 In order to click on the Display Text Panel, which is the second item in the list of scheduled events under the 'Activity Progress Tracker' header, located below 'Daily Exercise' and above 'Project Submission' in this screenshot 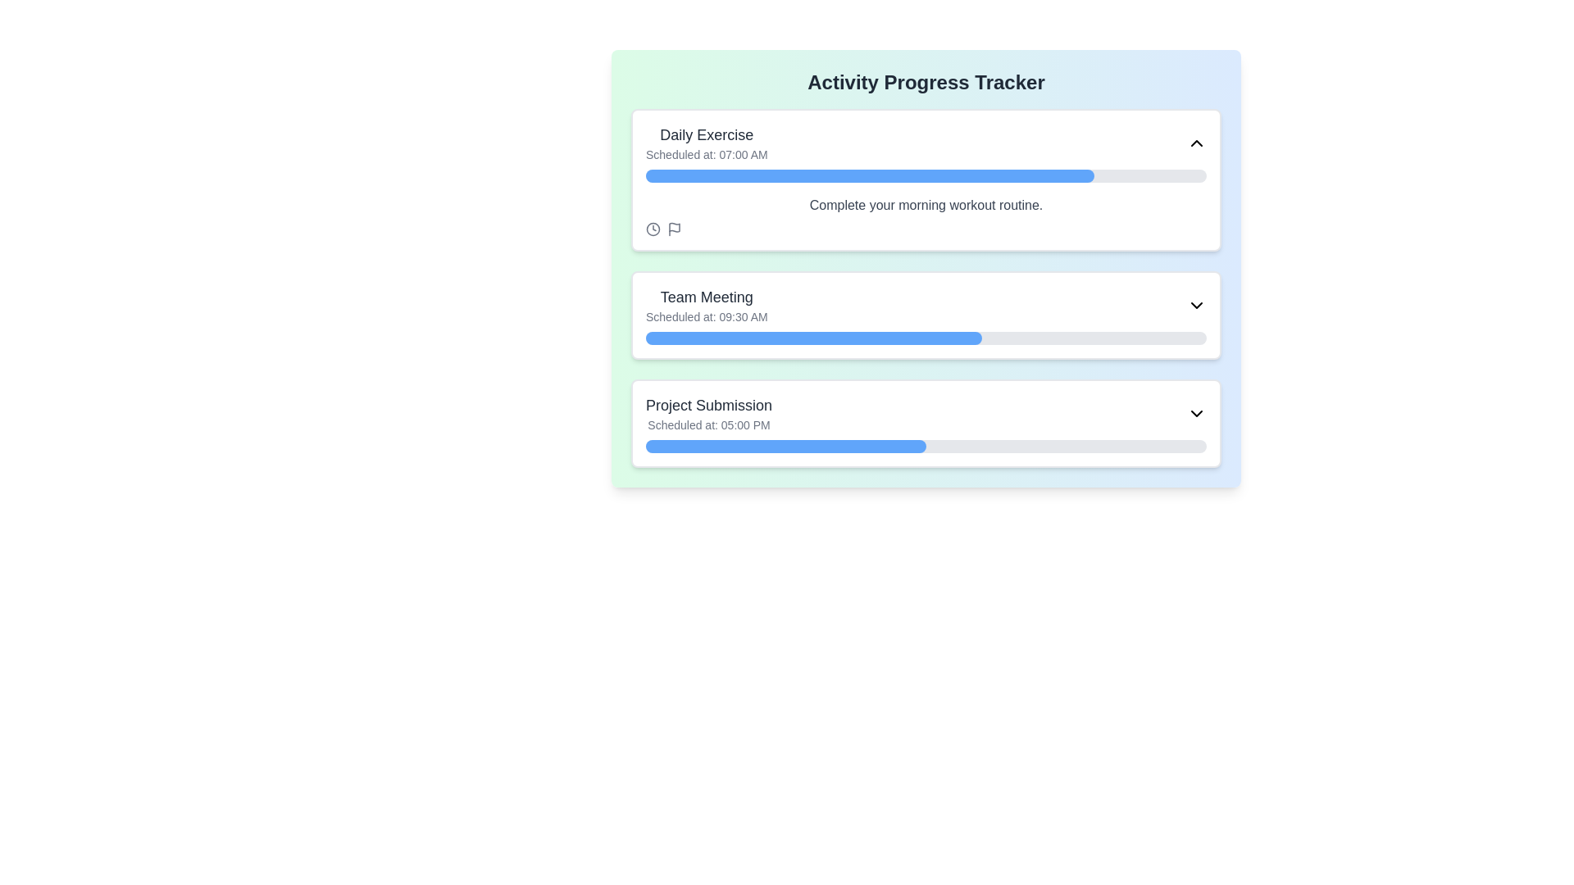, I will do `click(707, 306)`.